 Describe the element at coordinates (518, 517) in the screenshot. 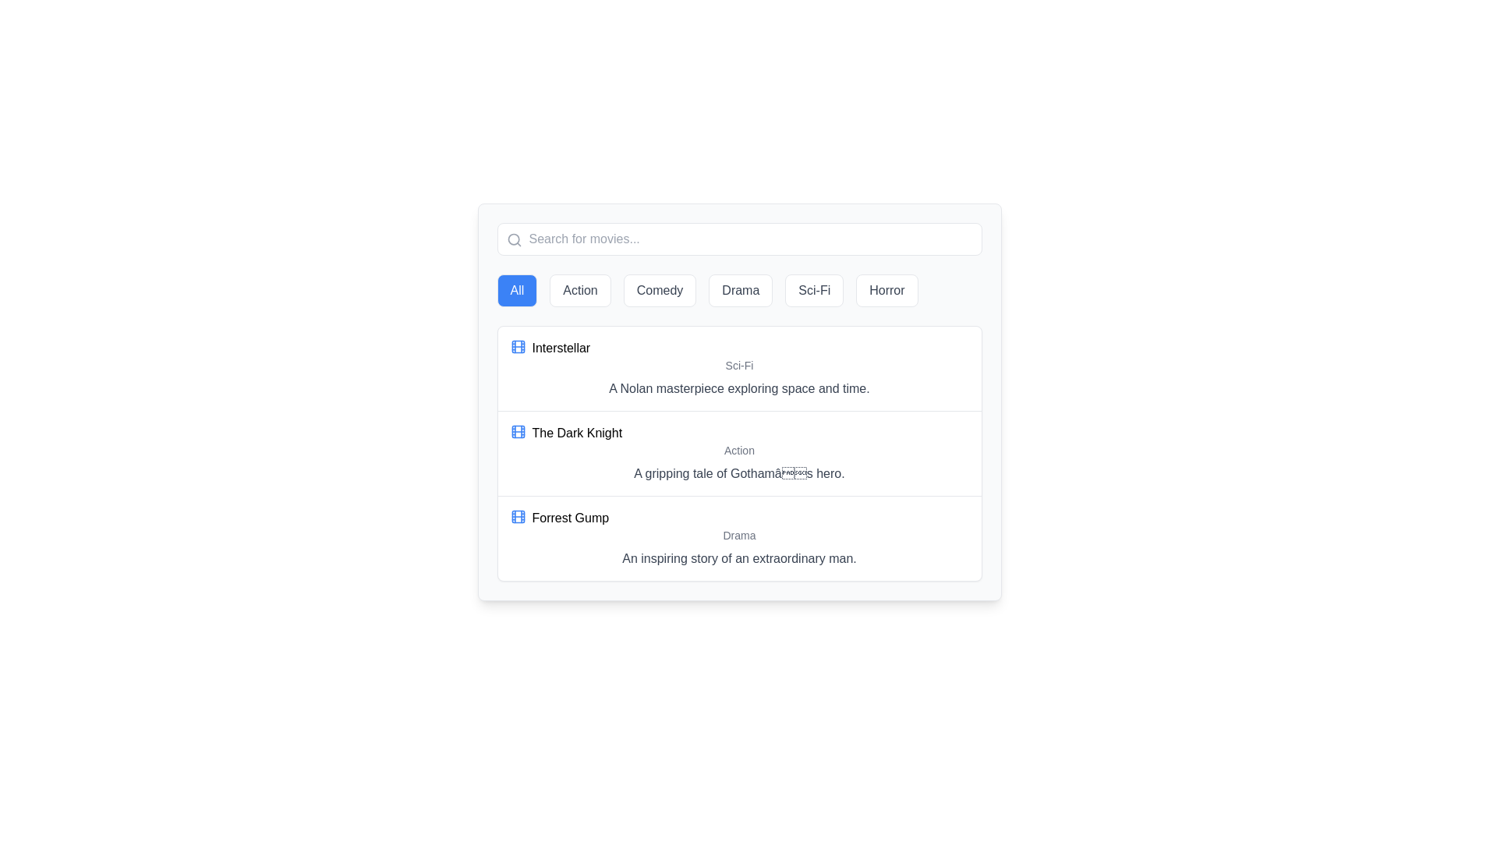

I see `the SVG rectangle element that serves as an icon for the 'The Dark Knight' entry in the list layout` at that location.